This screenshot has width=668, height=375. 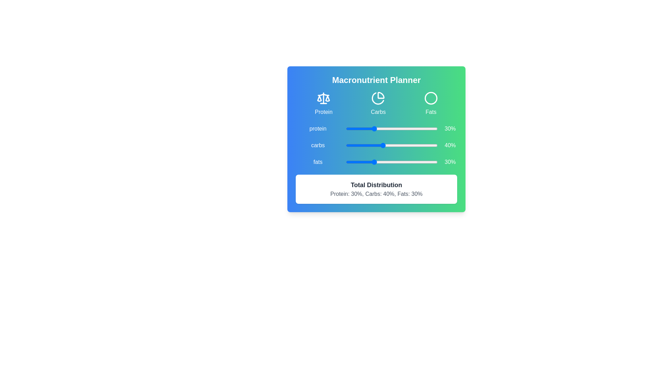 I want to click on the fats percentage, so click(x=348, y=162).